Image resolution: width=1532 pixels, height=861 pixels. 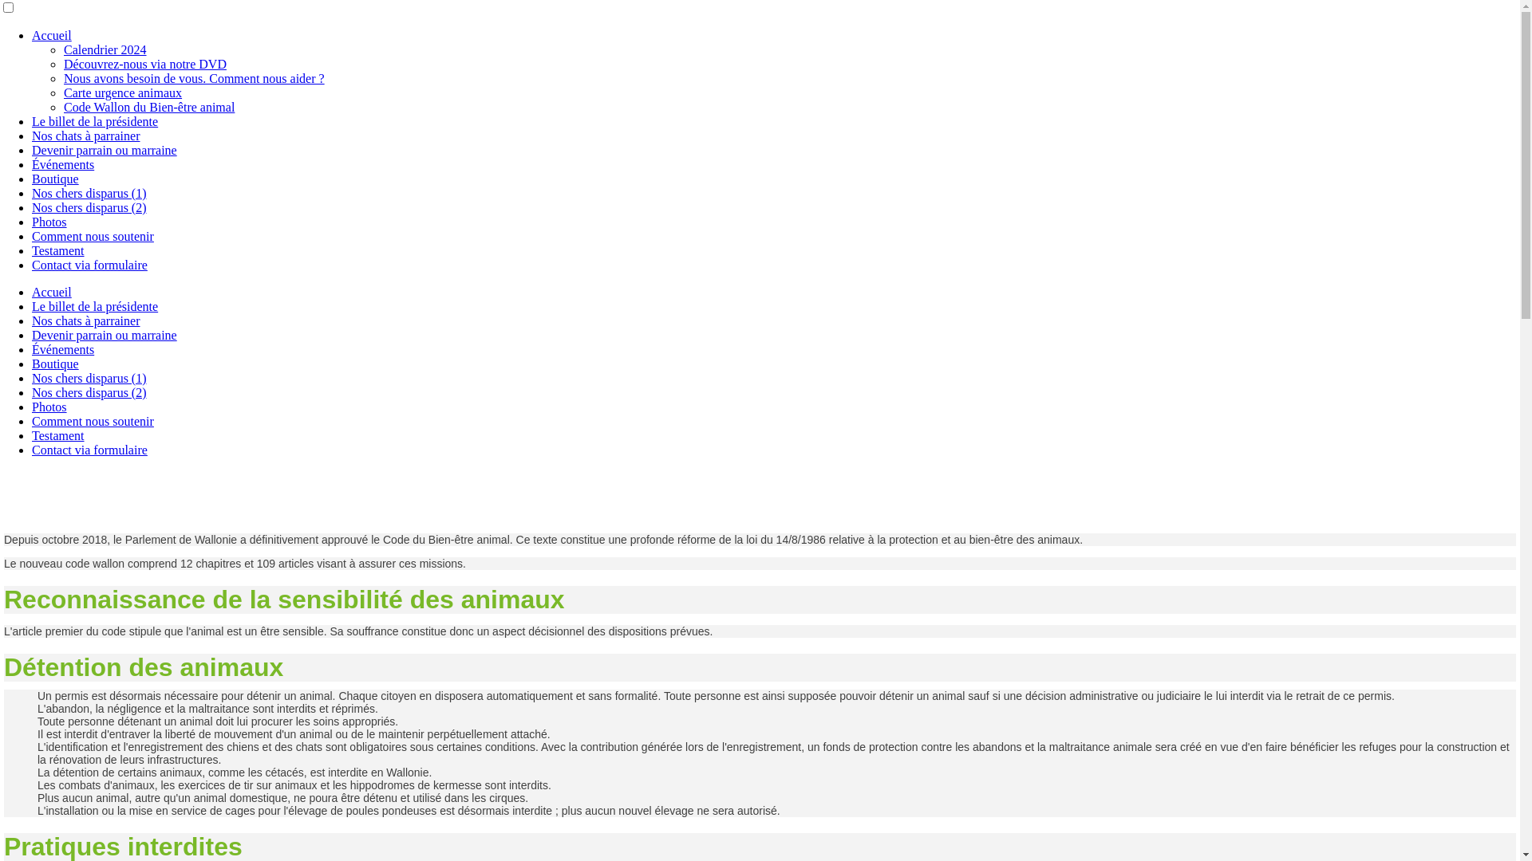 What do you see at coordinates (88, 392) in the screenshot?
I see `'Nos chers disparus (2)'` at bounding box center [88, 392].